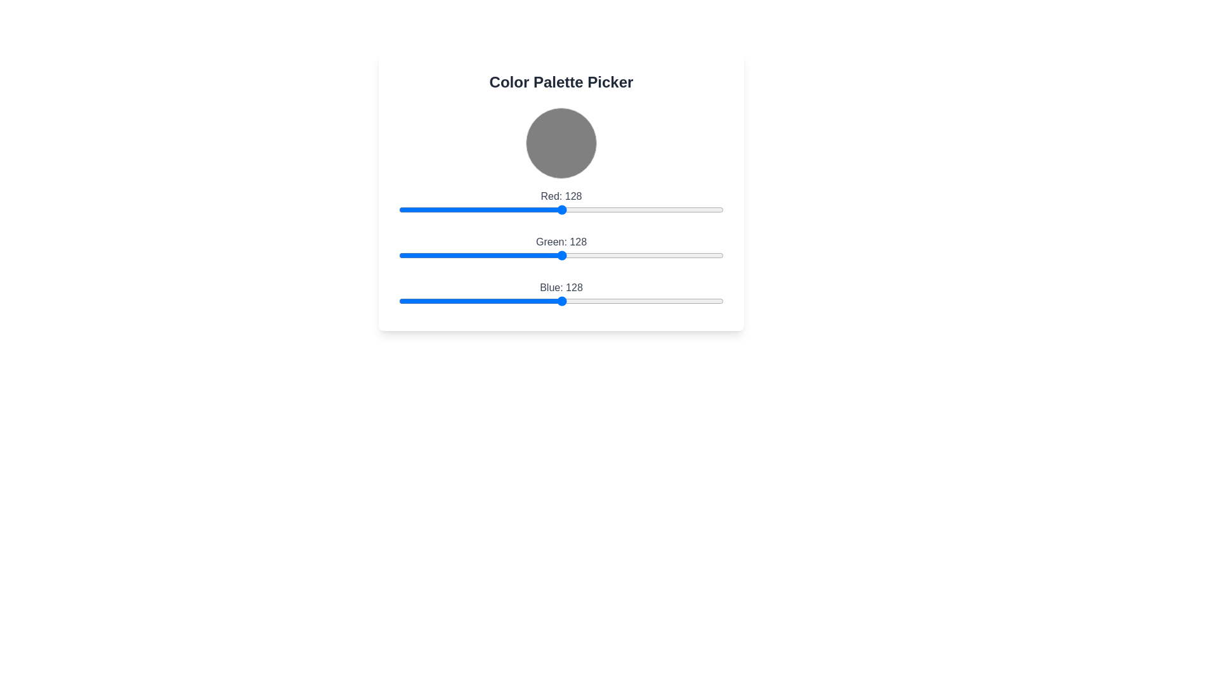  Describe the element at coordinates (560, 301) in the screenshot. I see `the circular handle of the horizontal slider located in the section labeled 'Blue: 128'` at that location.